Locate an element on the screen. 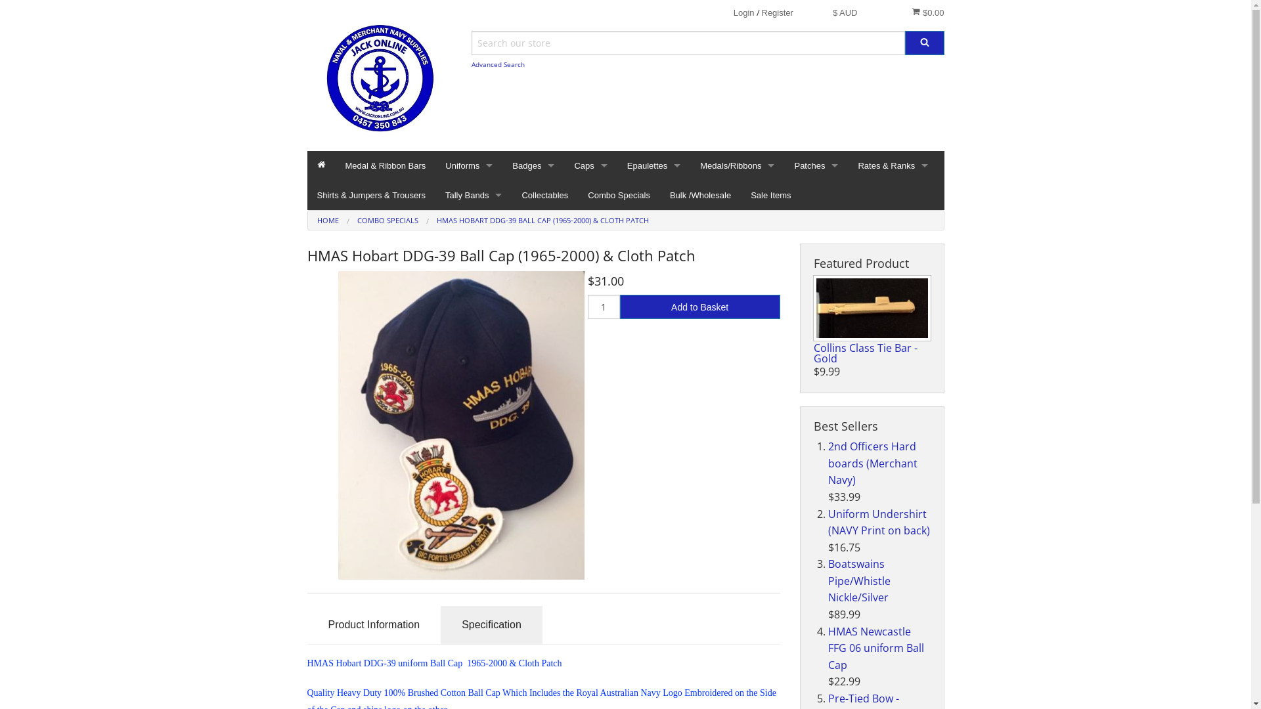  'Charter Boats' is located at coordinates (653, 211).